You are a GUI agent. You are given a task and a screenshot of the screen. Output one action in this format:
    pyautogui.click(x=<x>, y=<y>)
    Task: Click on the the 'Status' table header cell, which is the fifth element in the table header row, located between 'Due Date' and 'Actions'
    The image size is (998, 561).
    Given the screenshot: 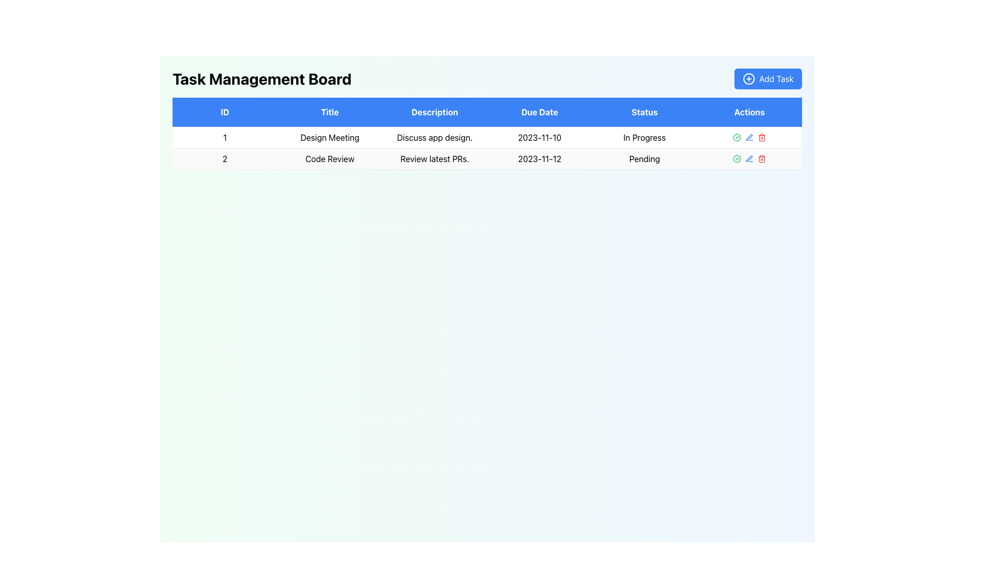 What is the action you would take?
    pyautogui.click(x=644, y=112)
    